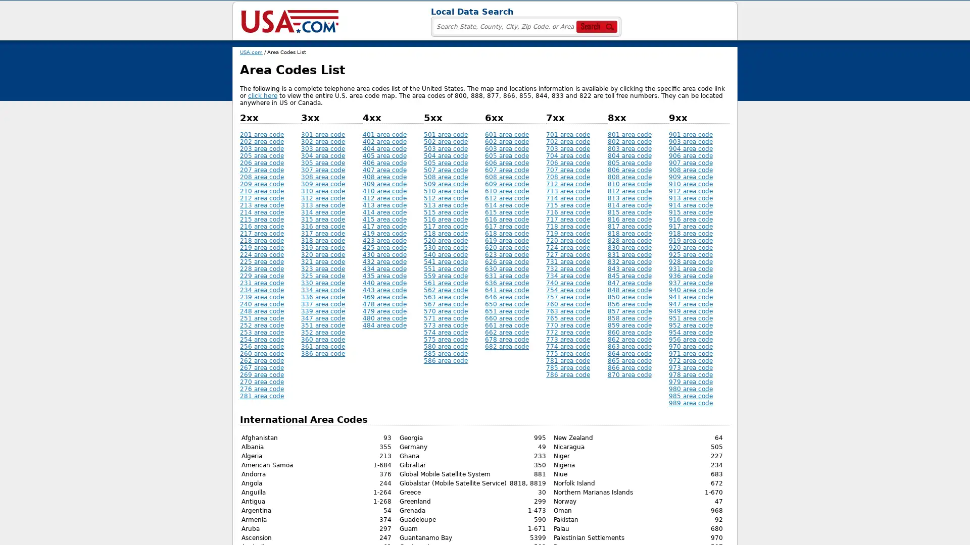 The image size is (970, 545). I want to click on Submit, so click(434, 23).